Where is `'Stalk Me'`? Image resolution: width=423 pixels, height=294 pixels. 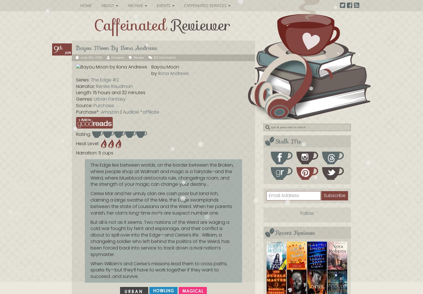 'Stalk Me' is located at coordinates (288, 141).